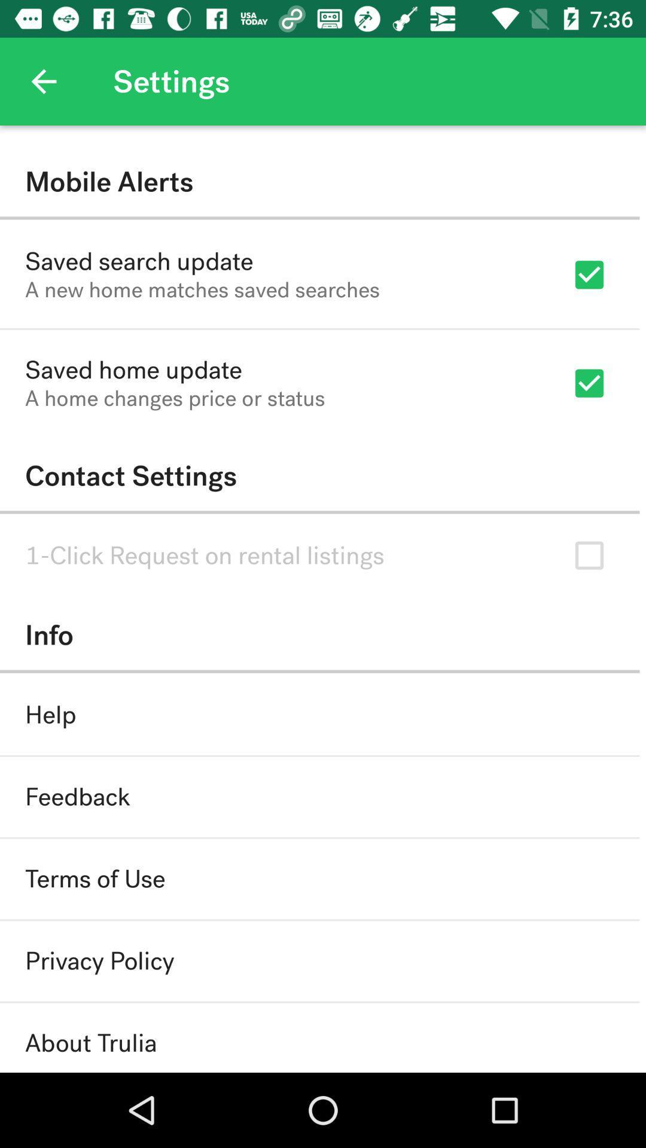 Image resolution: width=646 pixels, height=1148 pixels. Describe the element at coordinates (319, 181) in the screenshot. I see `item above saved search update` at that location.